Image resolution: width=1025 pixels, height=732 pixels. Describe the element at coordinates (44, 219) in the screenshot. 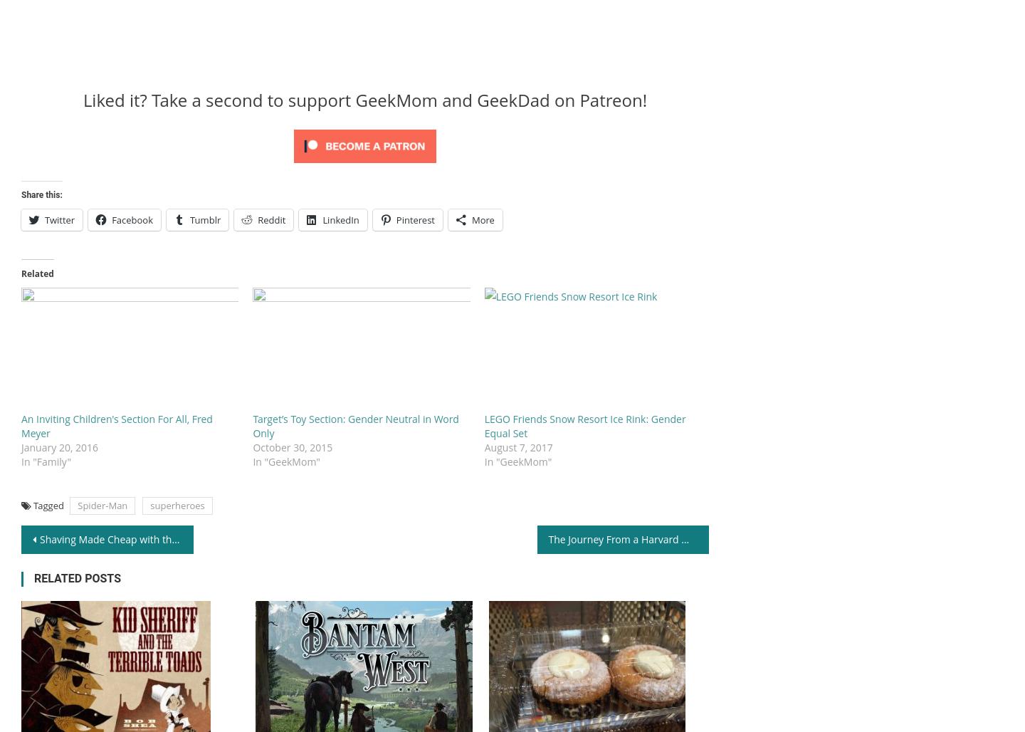

I see `'Twitter'` at that location.